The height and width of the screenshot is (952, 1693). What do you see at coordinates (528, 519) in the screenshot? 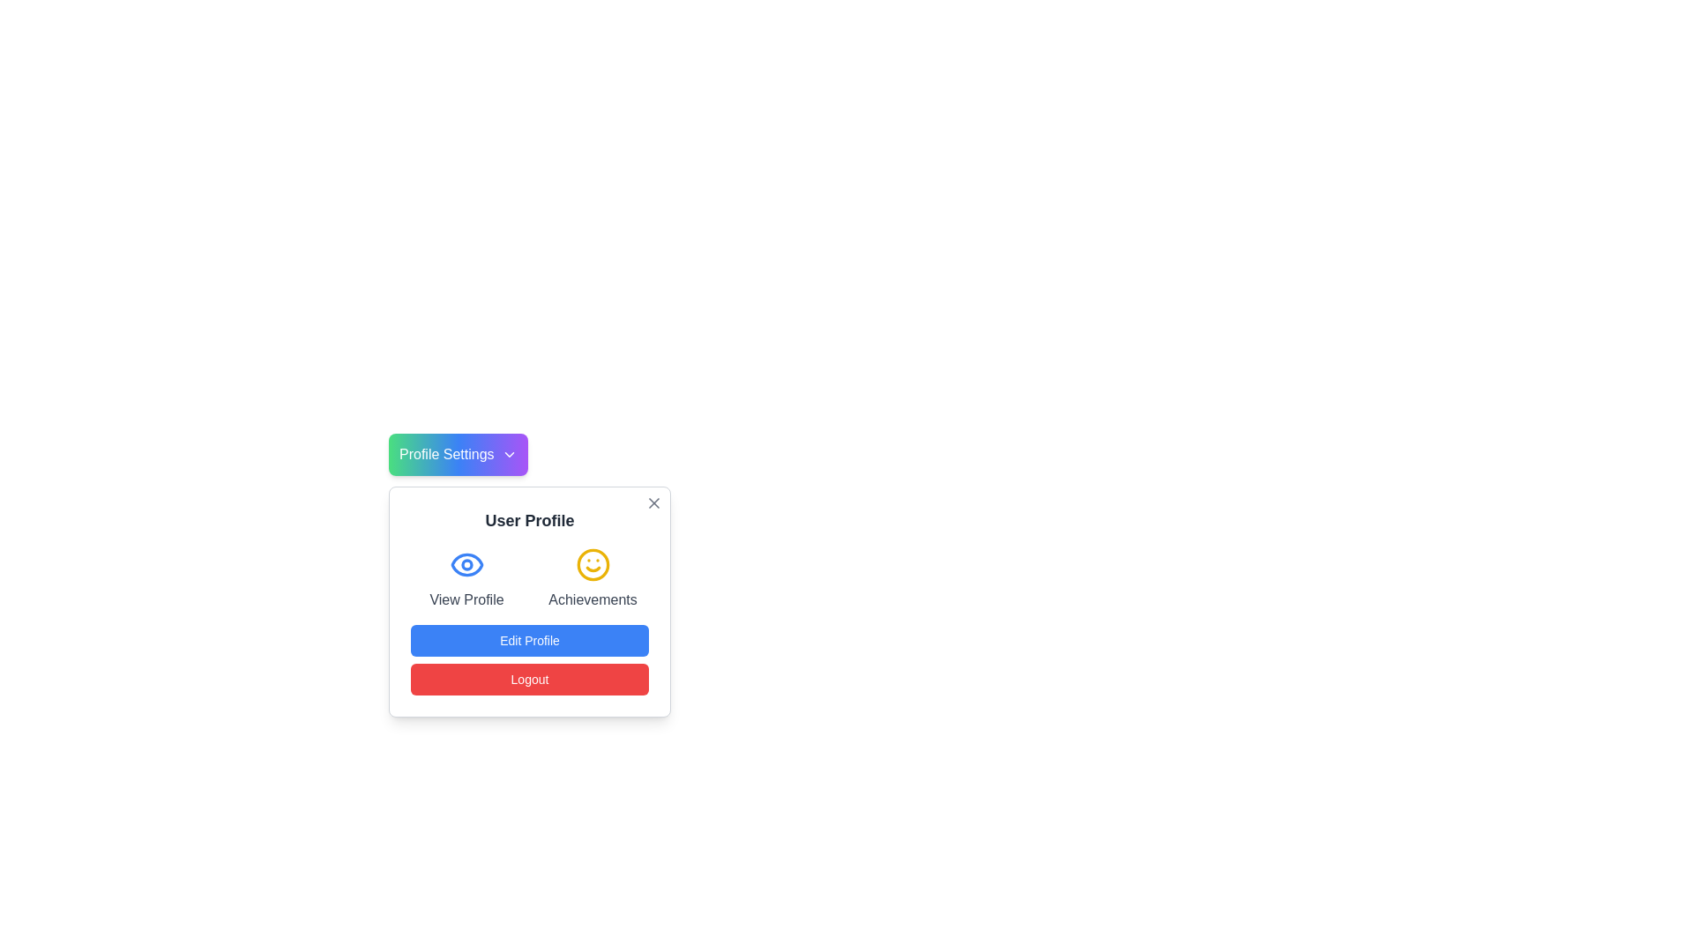
I see `the 'User Profile' static text element, which is displayed in bold and large dark gray font, centered at the top of a card interface` at bounding box center [528, 519].